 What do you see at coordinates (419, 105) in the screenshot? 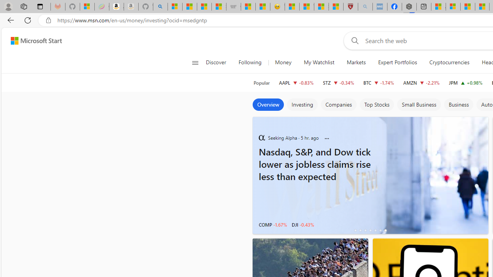
I see `'Small Business'` at bounding box center [419, 105].